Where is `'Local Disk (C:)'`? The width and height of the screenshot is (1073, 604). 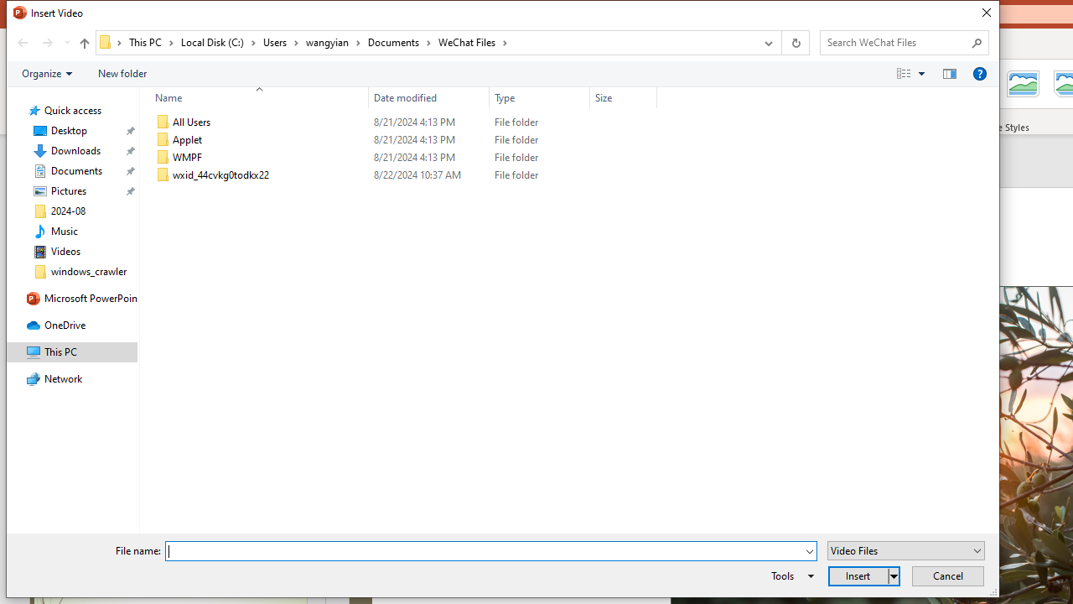 'Local Disk (C:)' is located at coordinates (218, 41).